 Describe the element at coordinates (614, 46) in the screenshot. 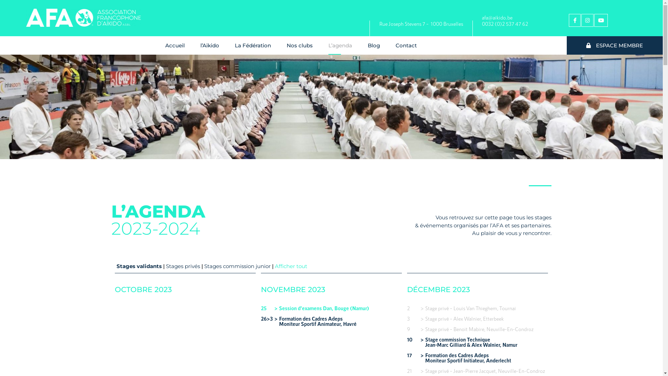

I see `'ESPACE MEMBRE'` at that location.